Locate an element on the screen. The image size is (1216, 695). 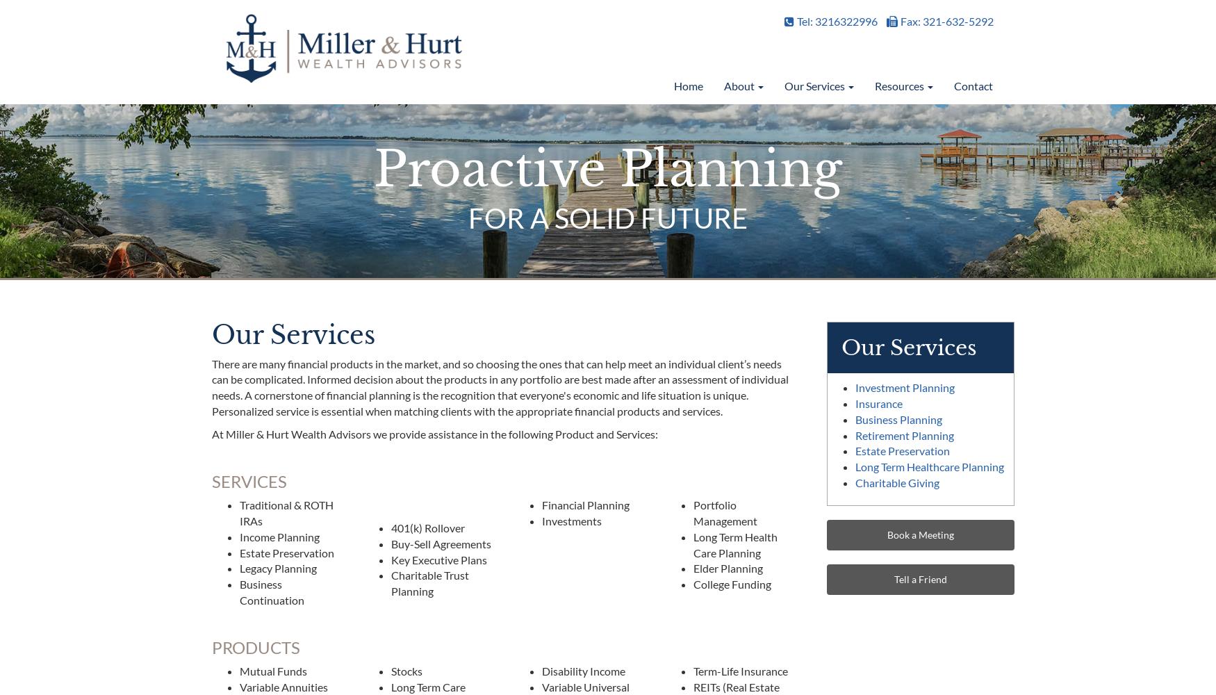
'Key Executive Plans' is located at coordinates (438, 559).